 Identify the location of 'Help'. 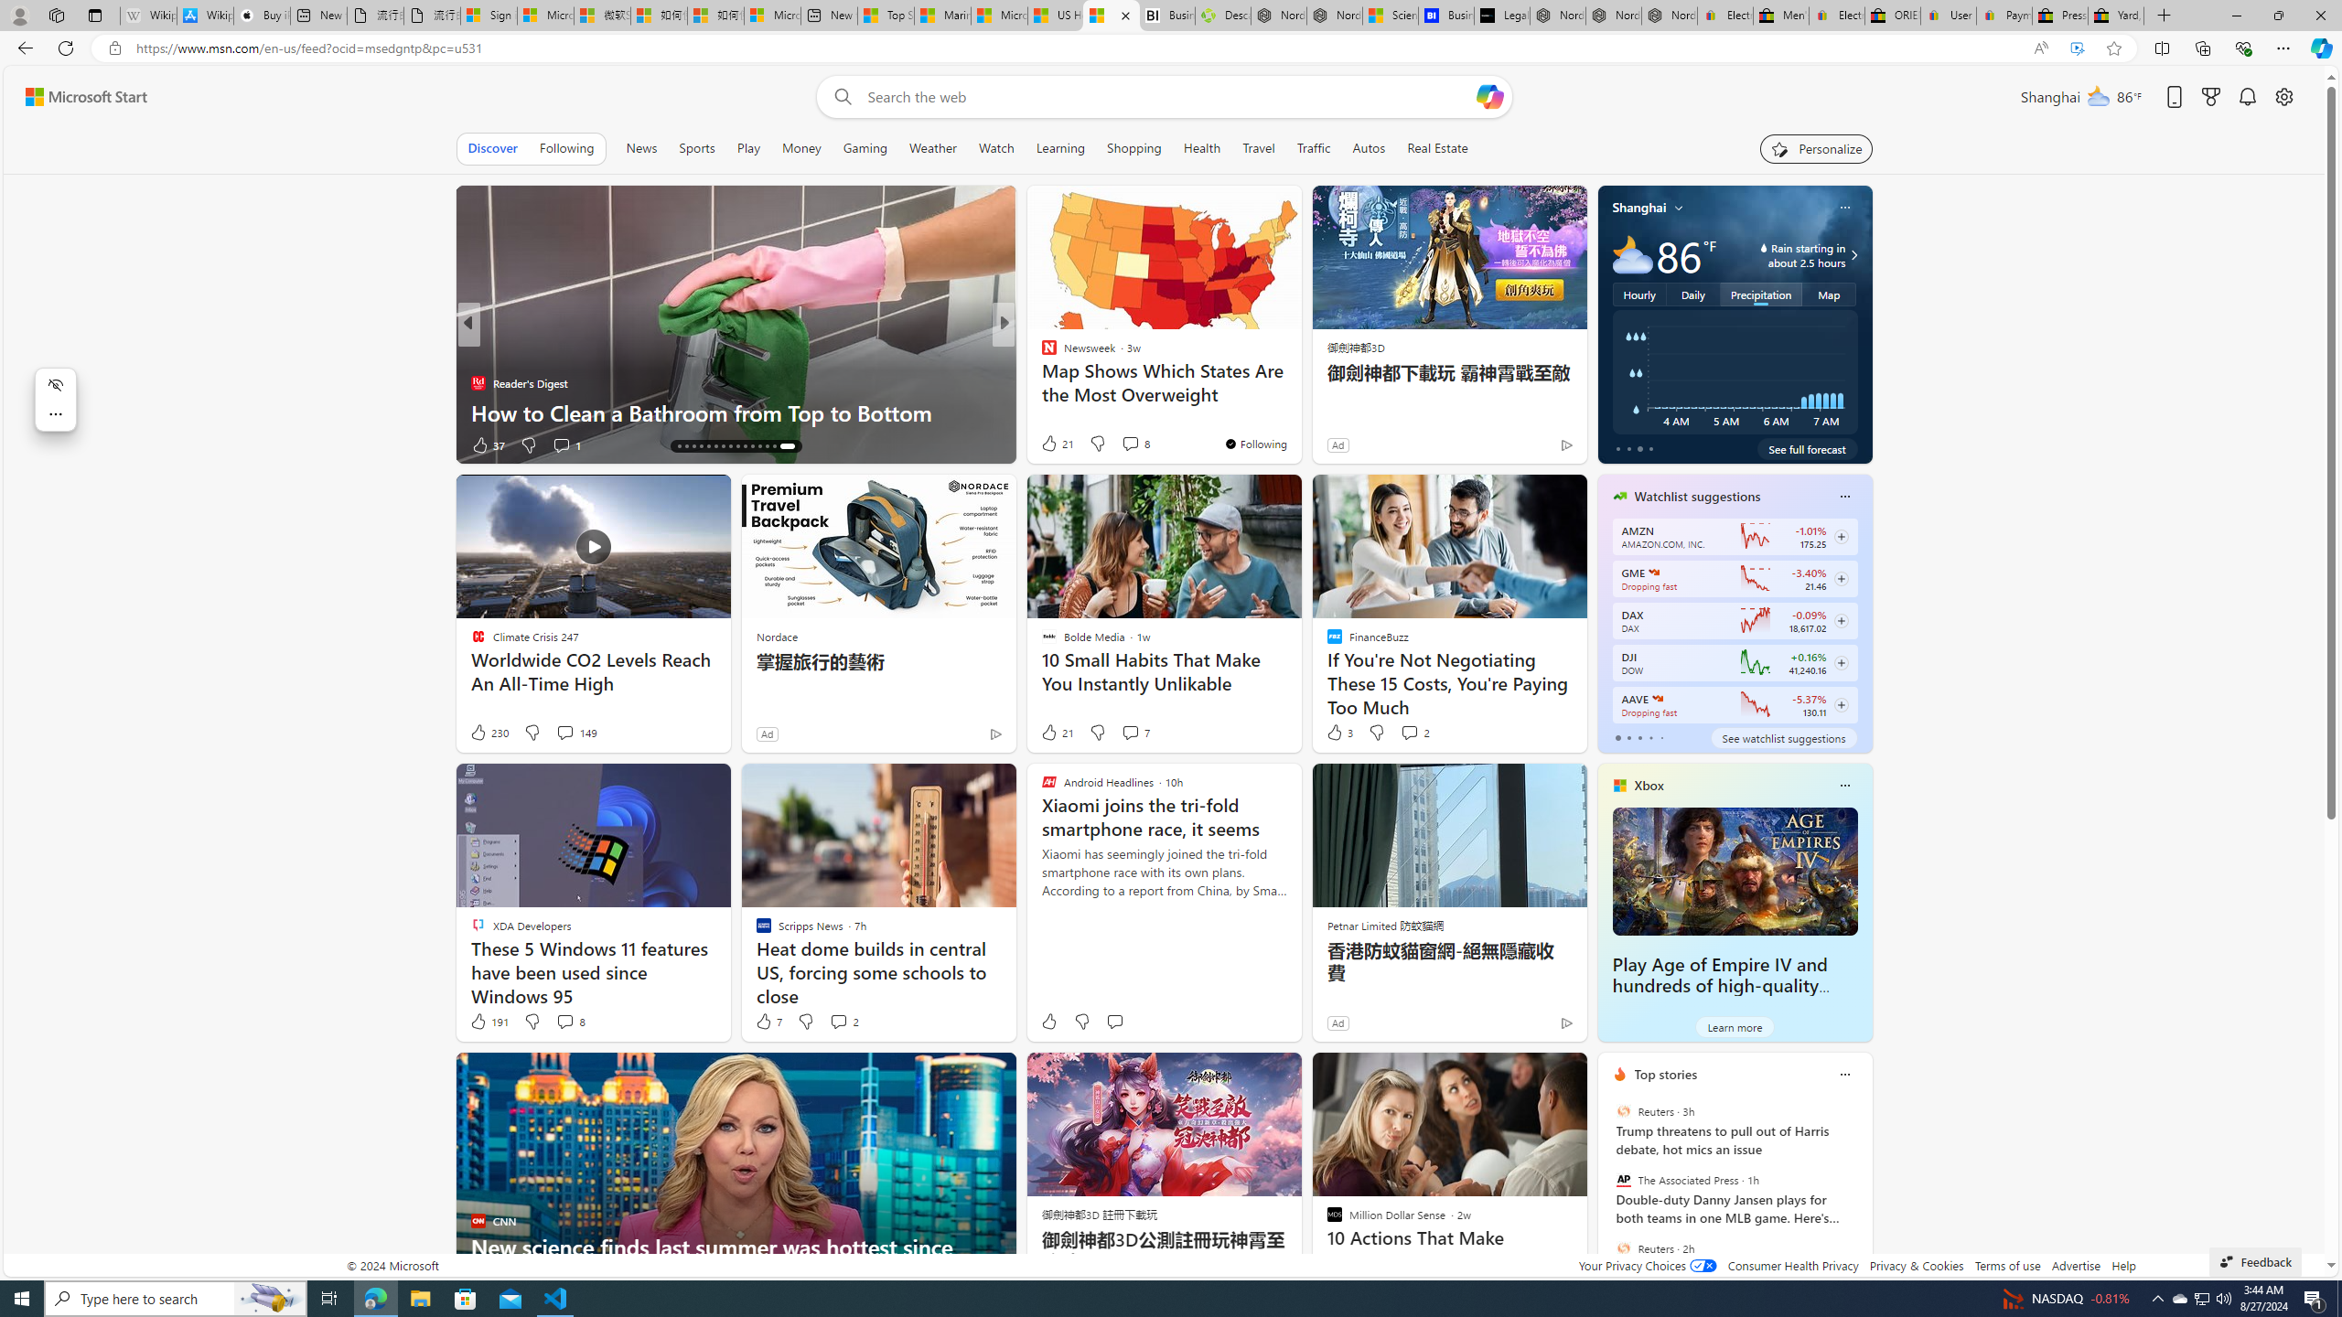
(2122, 1264).